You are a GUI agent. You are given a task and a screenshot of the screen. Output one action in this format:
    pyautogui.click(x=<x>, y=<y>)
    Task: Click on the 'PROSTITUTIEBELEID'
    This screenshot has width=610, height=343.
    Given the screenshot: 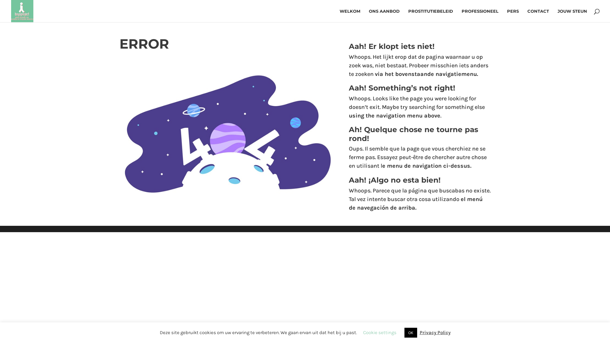 What is the action you would take?
    pyautogui.click(x=430, y=15)
    